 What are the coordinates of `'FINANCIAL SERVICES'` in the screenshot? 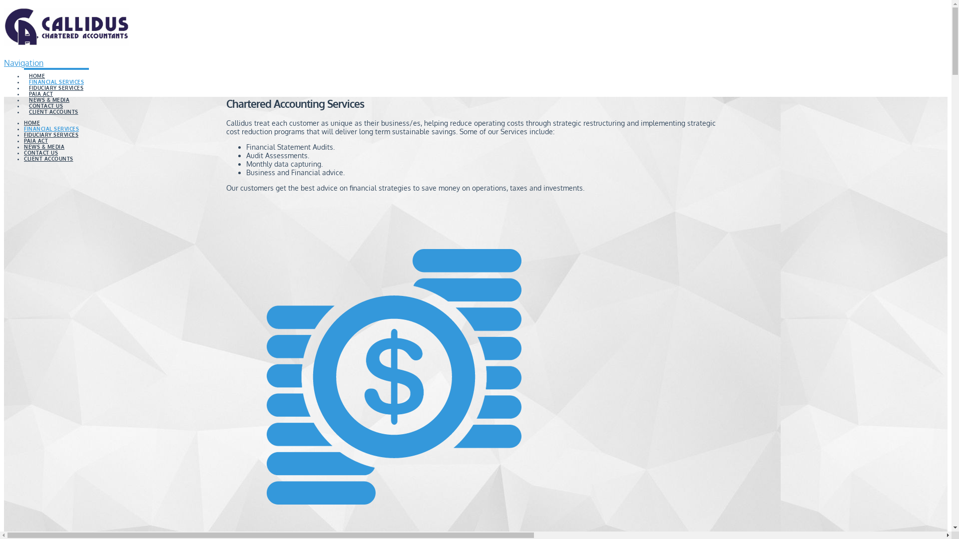 It's located at (56, 76).